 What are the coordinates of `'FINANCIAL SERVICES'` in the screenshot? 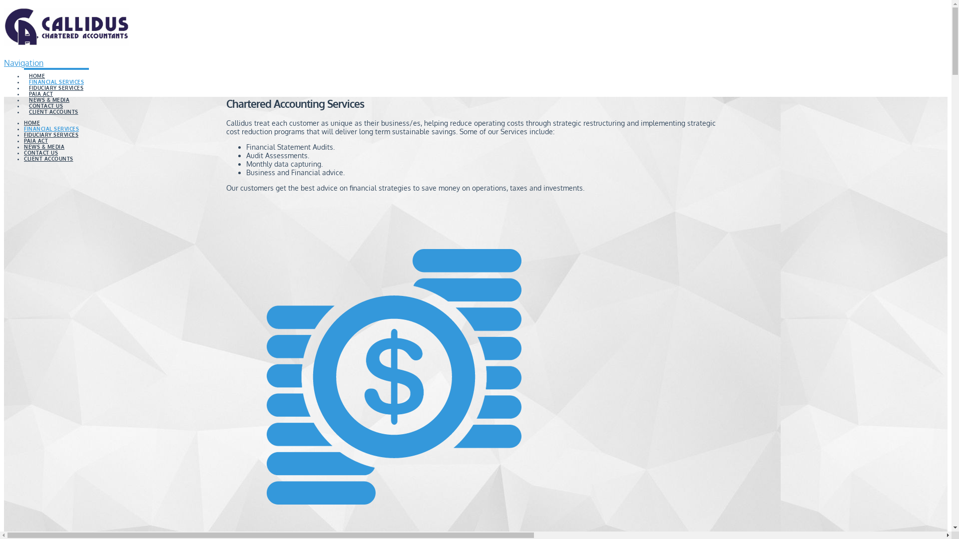 It's located at (56, 76).